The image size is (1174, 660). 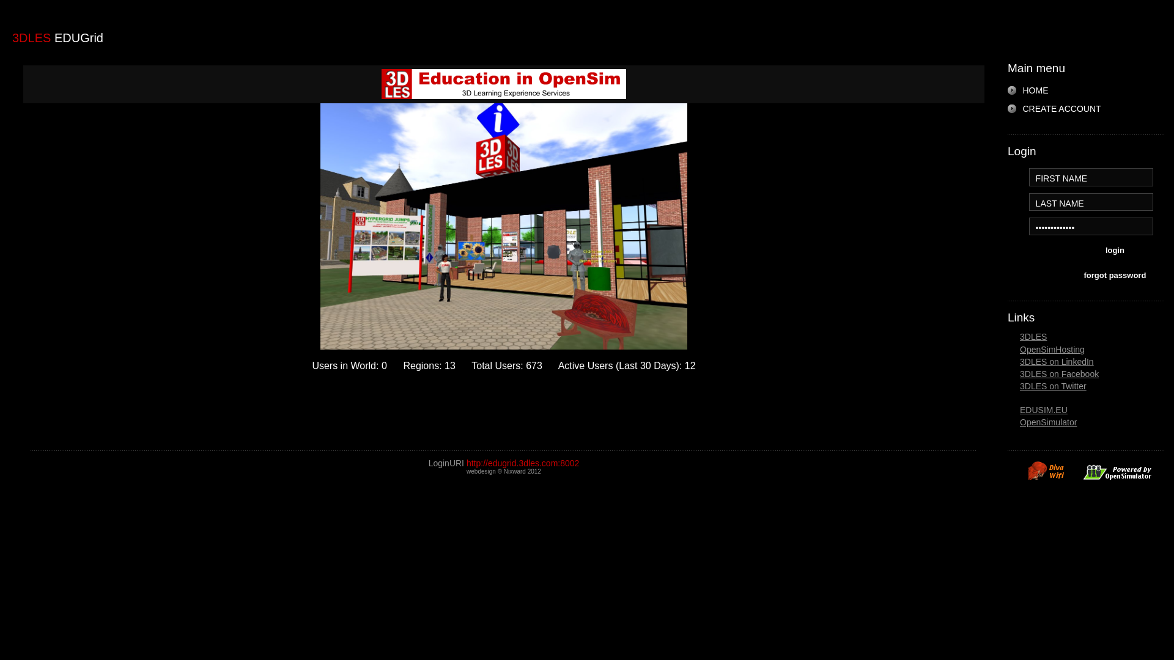 What do you see at coordinates (1115, 251) in the screenshot?
I see `'login'` at bounding box center [1115, 251].